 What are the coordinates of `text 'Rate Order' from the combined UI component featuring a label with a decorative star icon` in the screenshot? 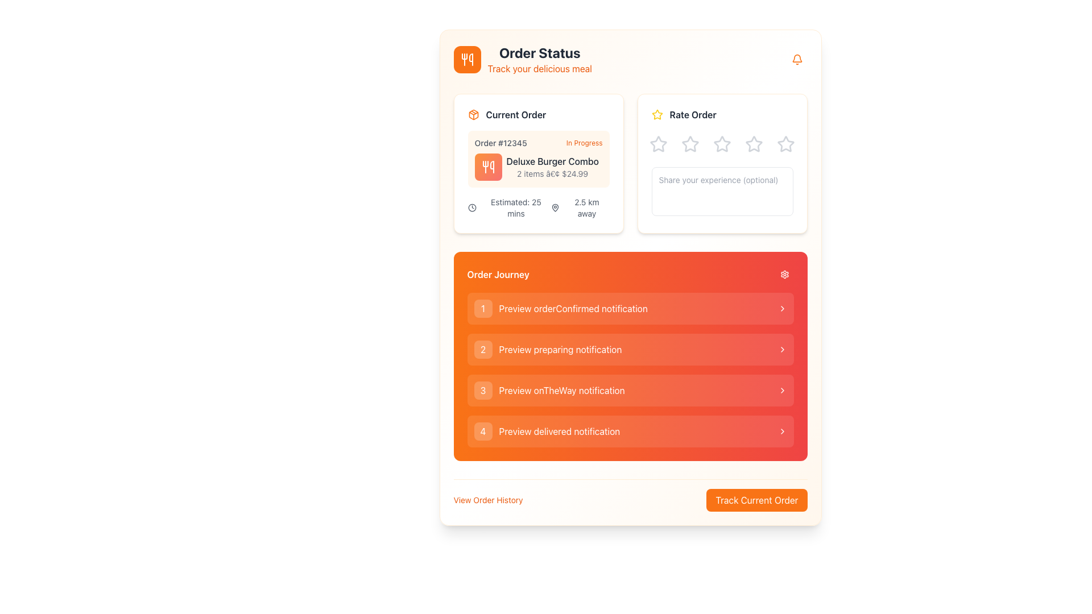 It's located at (683, 114).